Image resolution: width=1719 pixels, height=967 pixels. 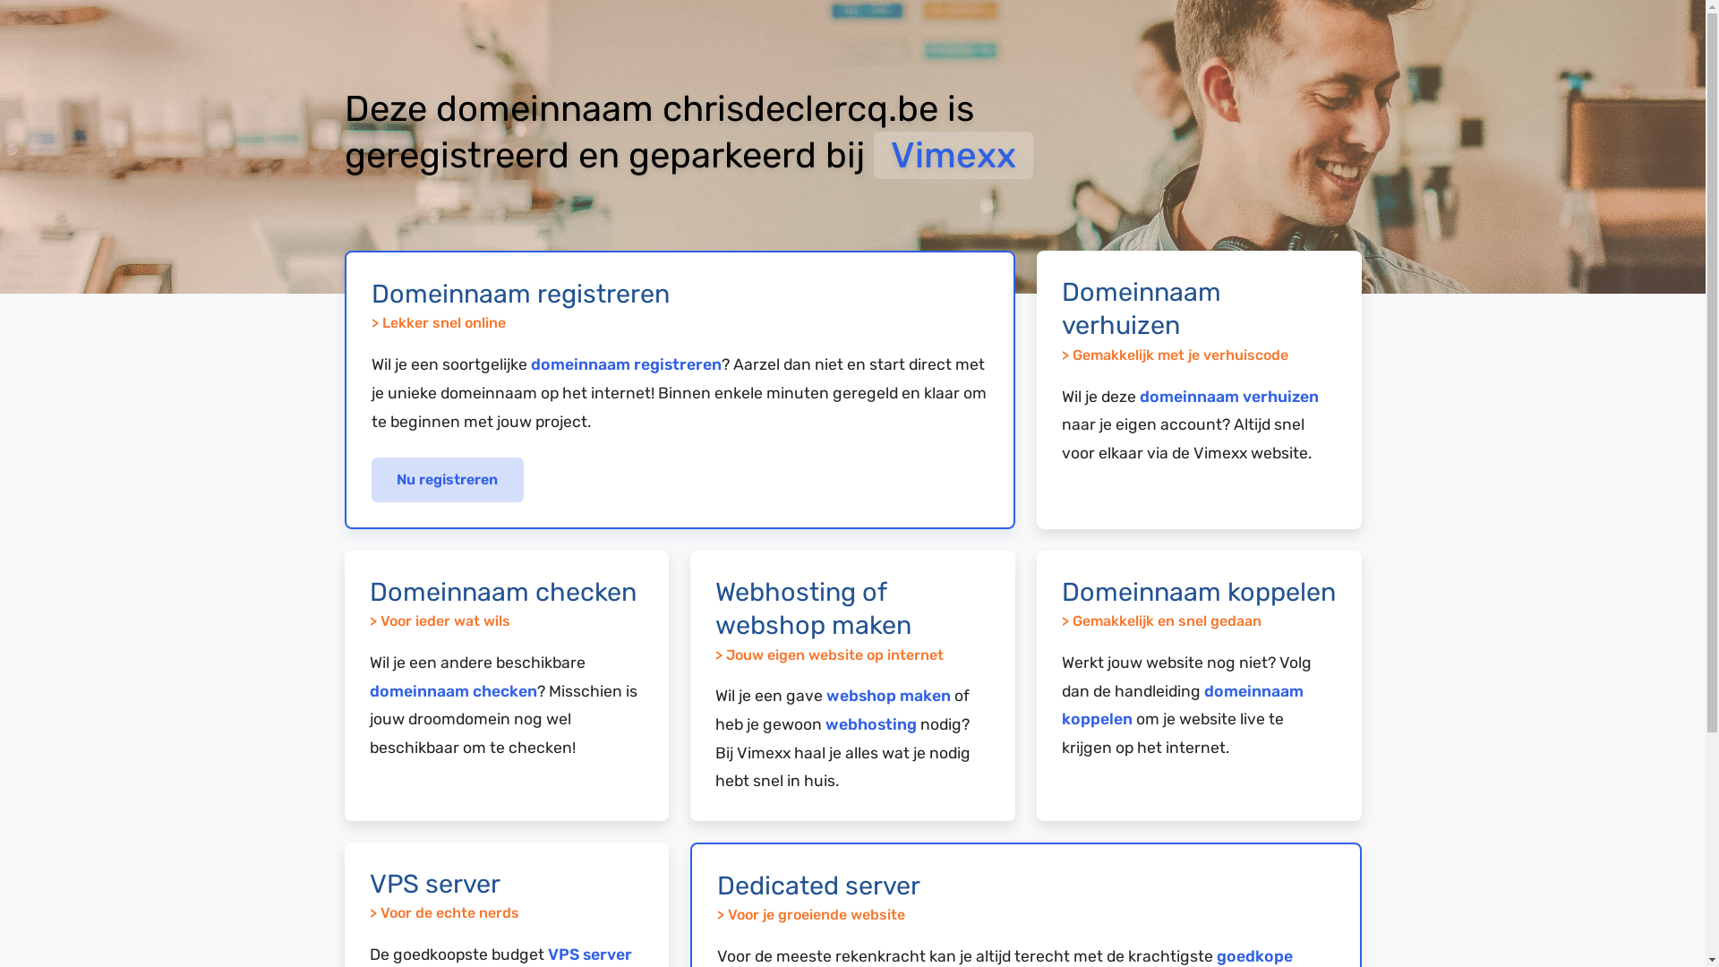 I want to click on 'domeinnaam koppelen', so click(x=1182, y=704).